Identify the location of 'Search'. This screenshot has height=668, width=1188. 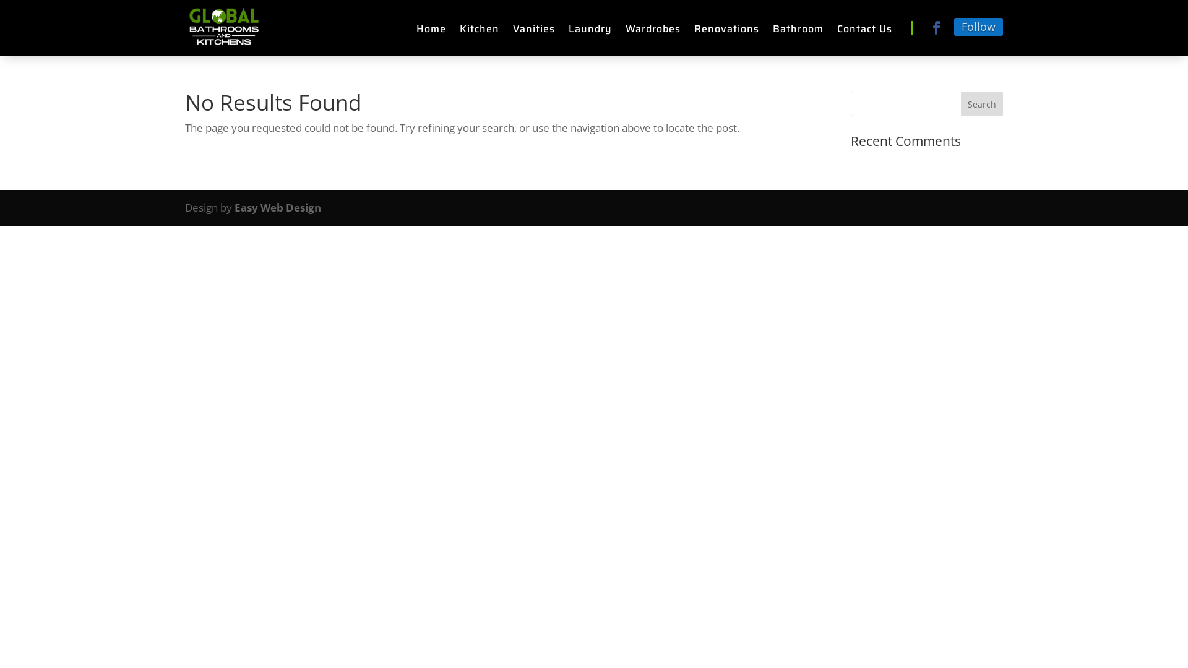
(981, 103).